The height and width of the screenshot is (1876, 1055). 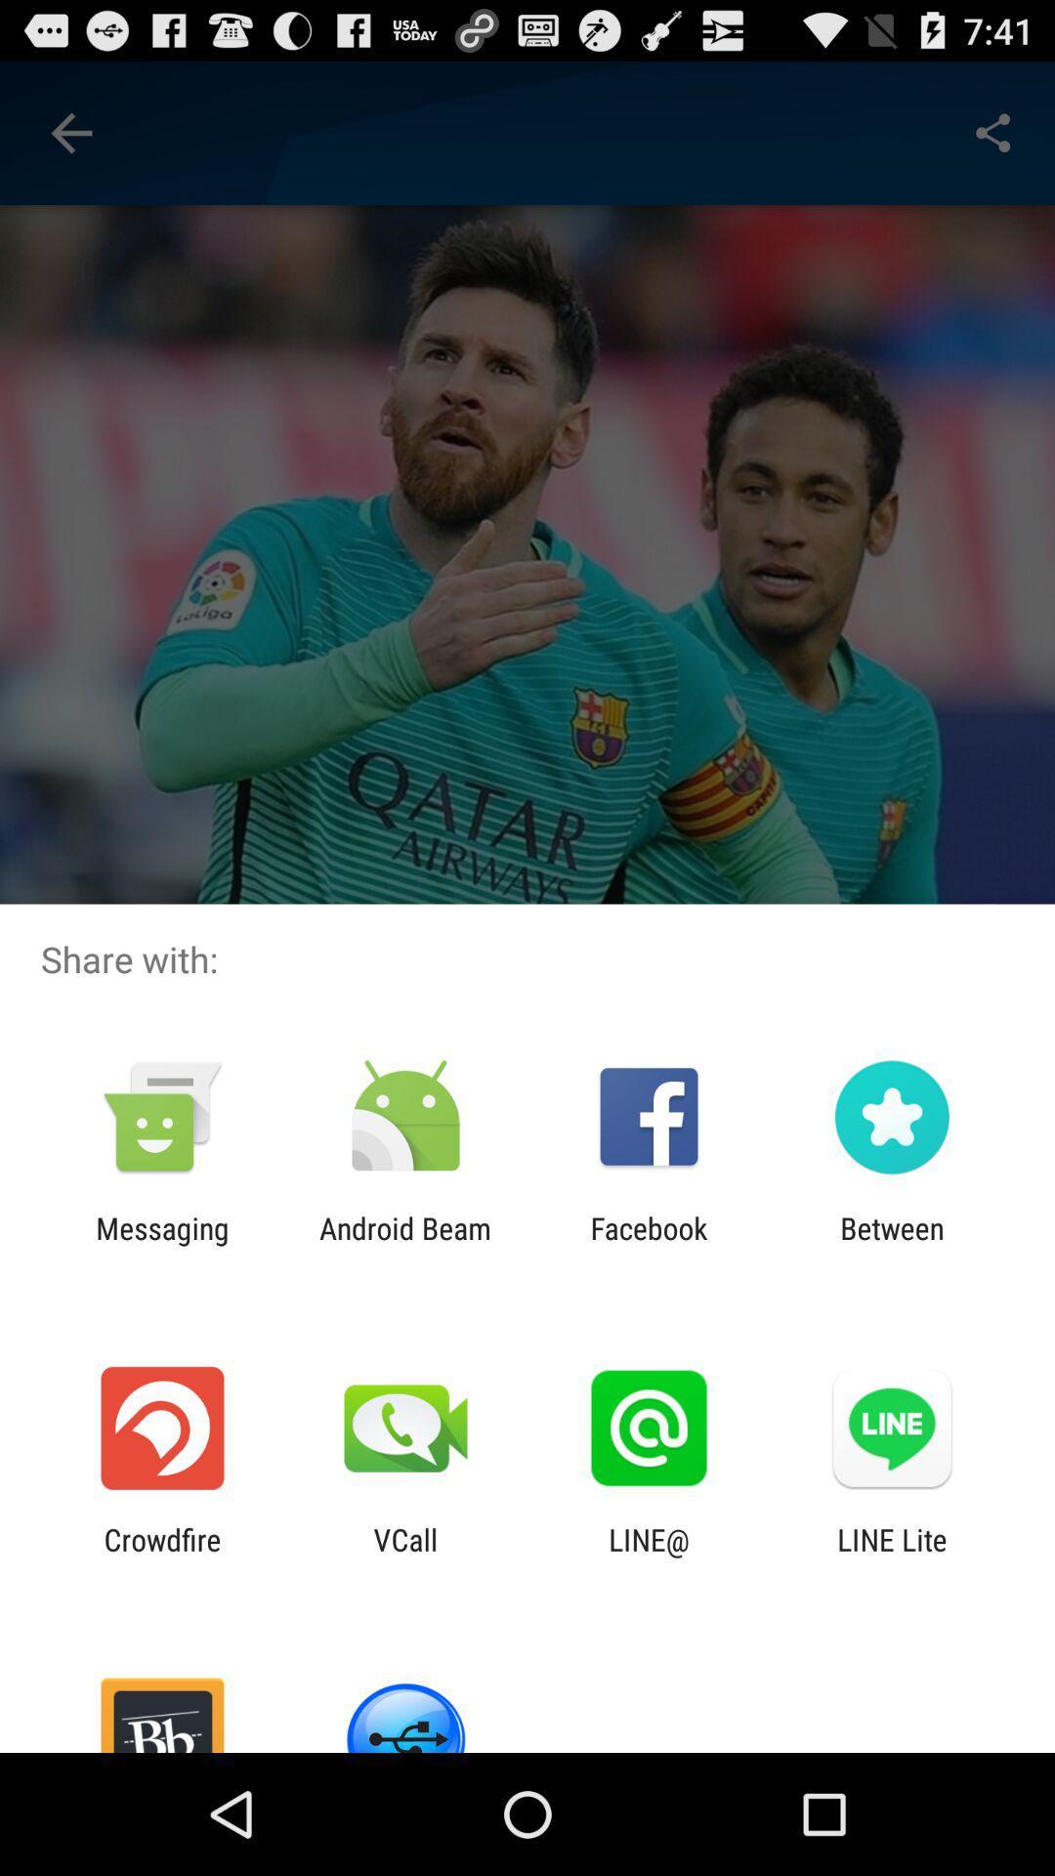 I want to click on the icon next to the messaging icon, so click(x=404, y=1245).